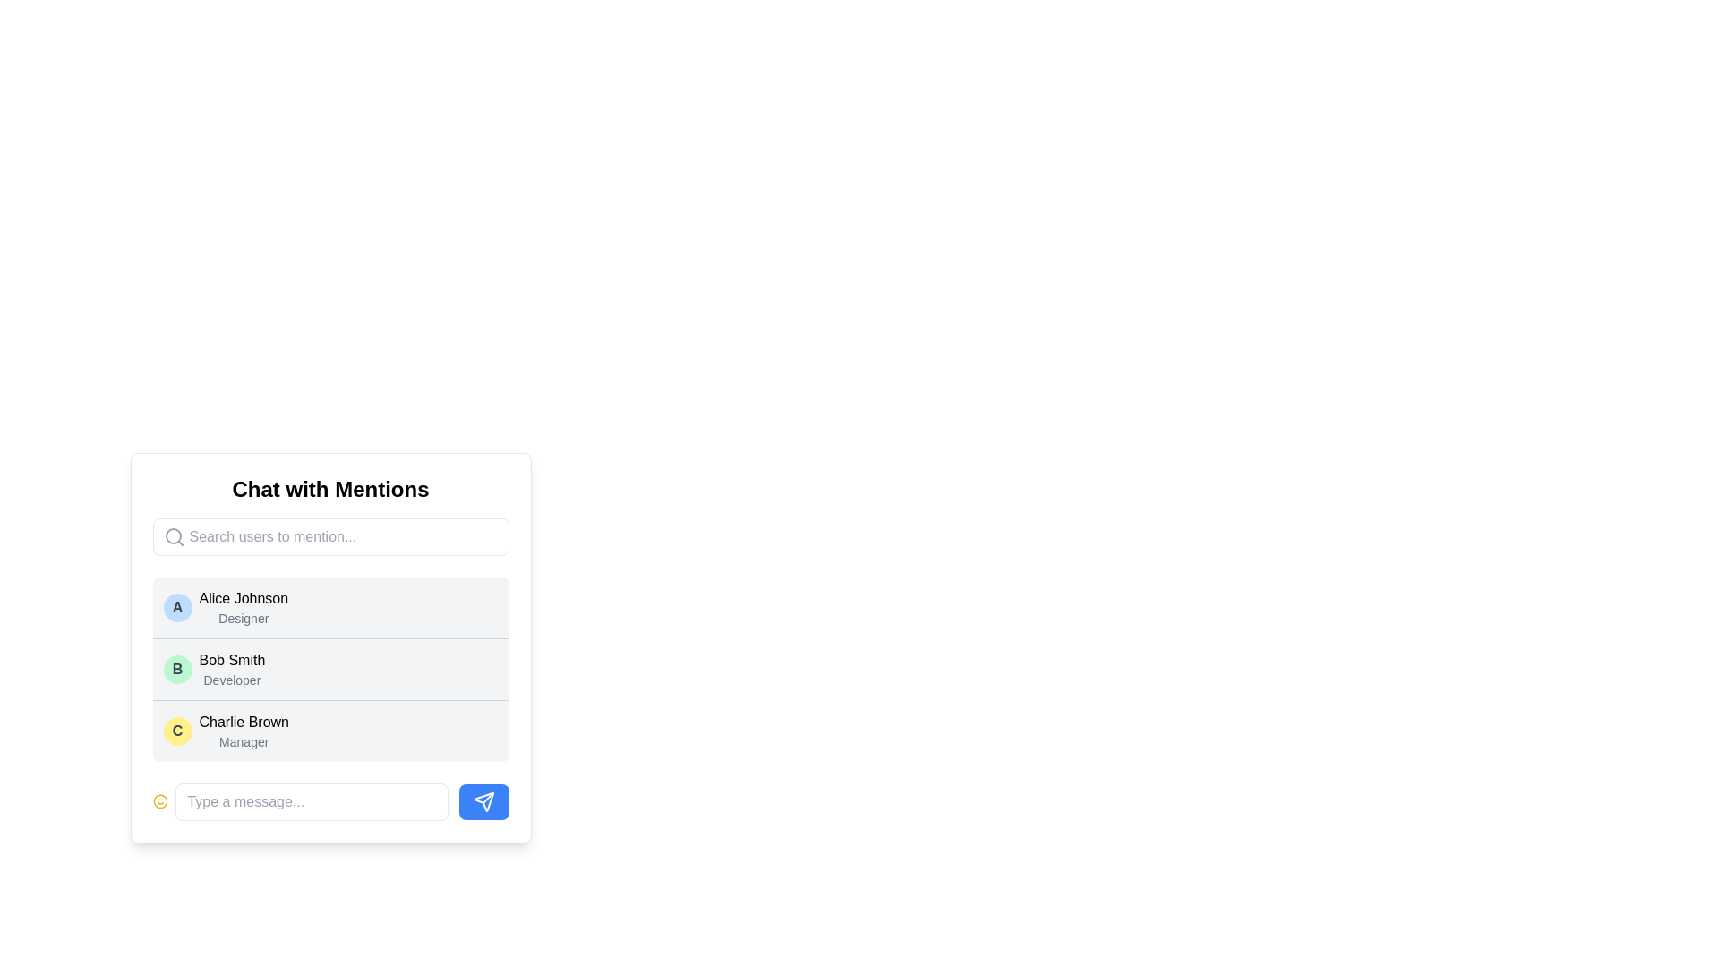  I want to click on the contact list item for 'Bob Smith', the second item in the list under 'Chat with Mentions', so click(330, 670).